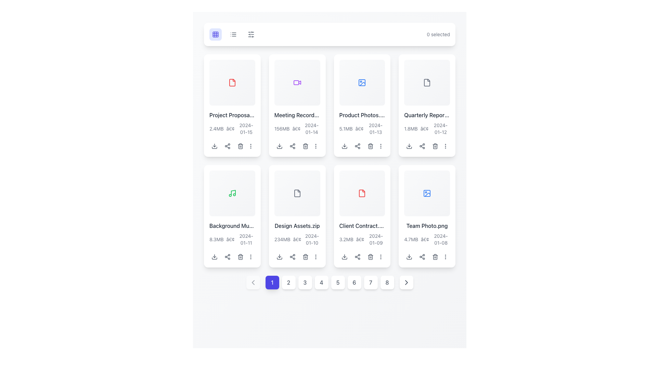  What do you see at coordinates (230, 128) in the screenshot?
I see `the separator Text Label or Icon located between '2.4MB' and '2024-01-15' in the 'Project Proposal' card` at bounding box center [230, 128].